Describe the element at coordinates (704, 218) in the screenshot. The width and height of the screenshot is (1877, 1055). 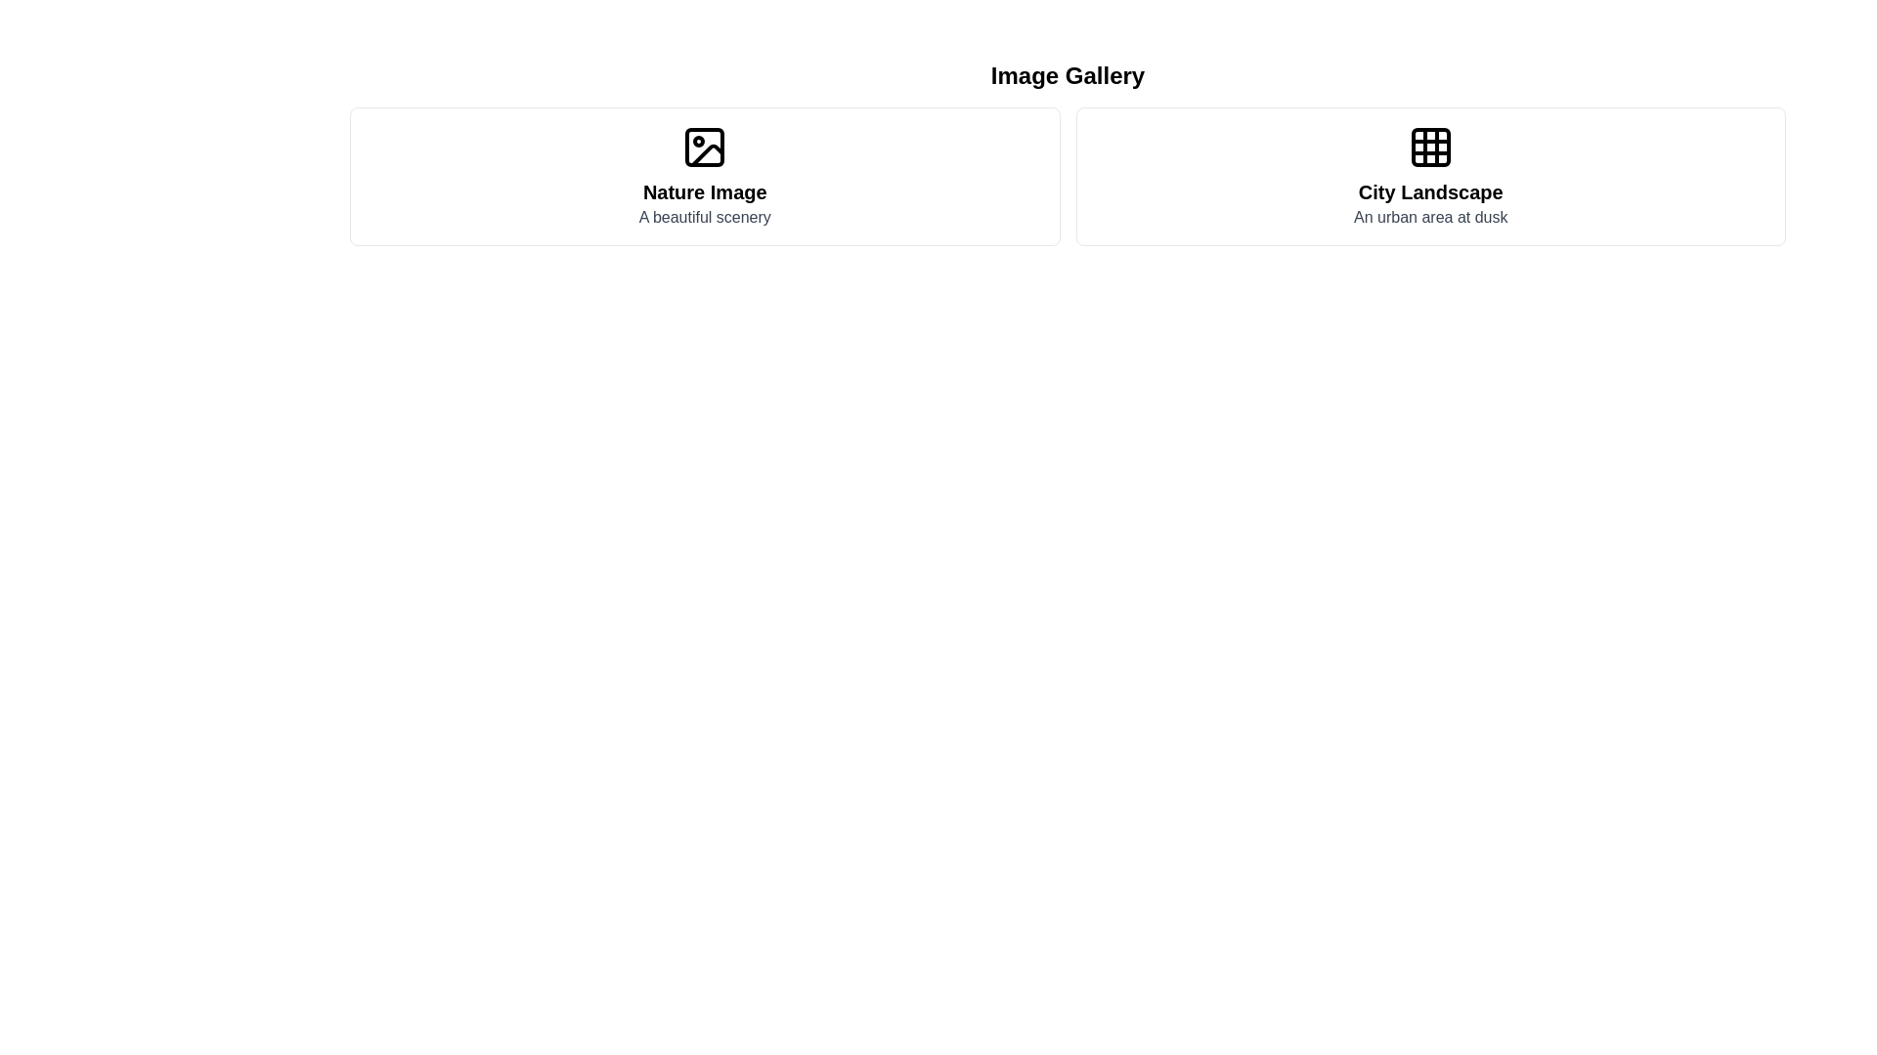
I see `text label displaying 'A beautiful scenery', which is styled in gray and positioned beneath the header 'Nature Image'` at that location.